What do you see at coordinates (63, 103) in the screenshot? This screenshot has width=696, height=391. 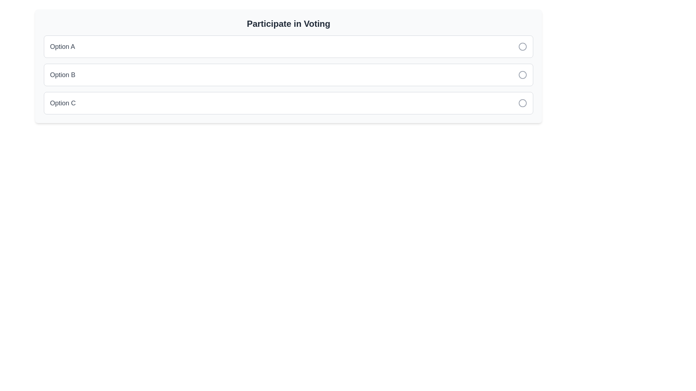 I see `text content of the Text Label displaying 'Option C' located in the third row of a vertically aligned list` at bounding box center [63, 103].